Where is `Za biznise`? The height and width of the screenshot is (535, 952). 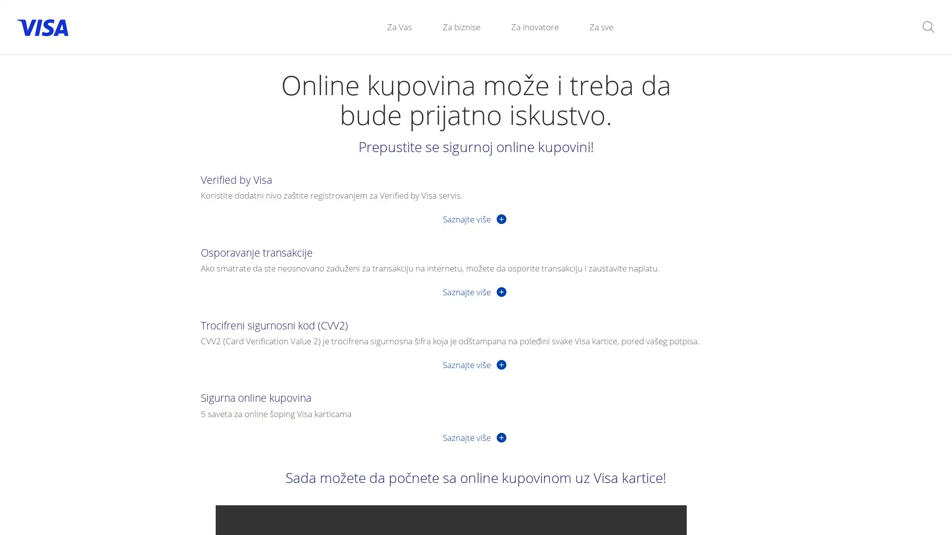
Za biznise is located at coordinates (461, 26).